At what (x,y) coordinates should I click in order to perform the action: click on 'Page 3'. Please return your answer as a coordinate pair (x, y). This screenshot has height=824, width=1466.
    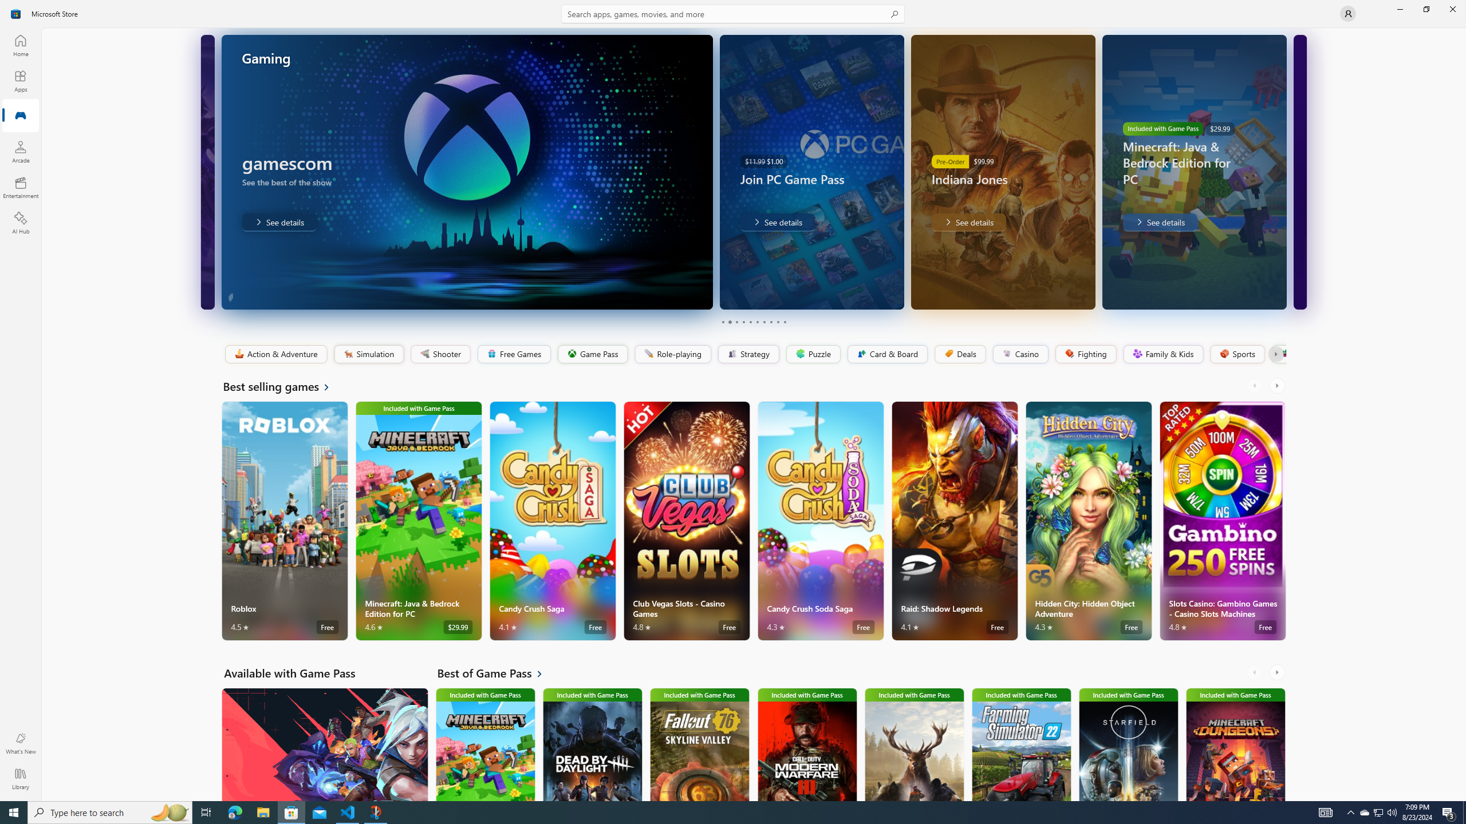
    Looking at the image, I should click on (736, 322).